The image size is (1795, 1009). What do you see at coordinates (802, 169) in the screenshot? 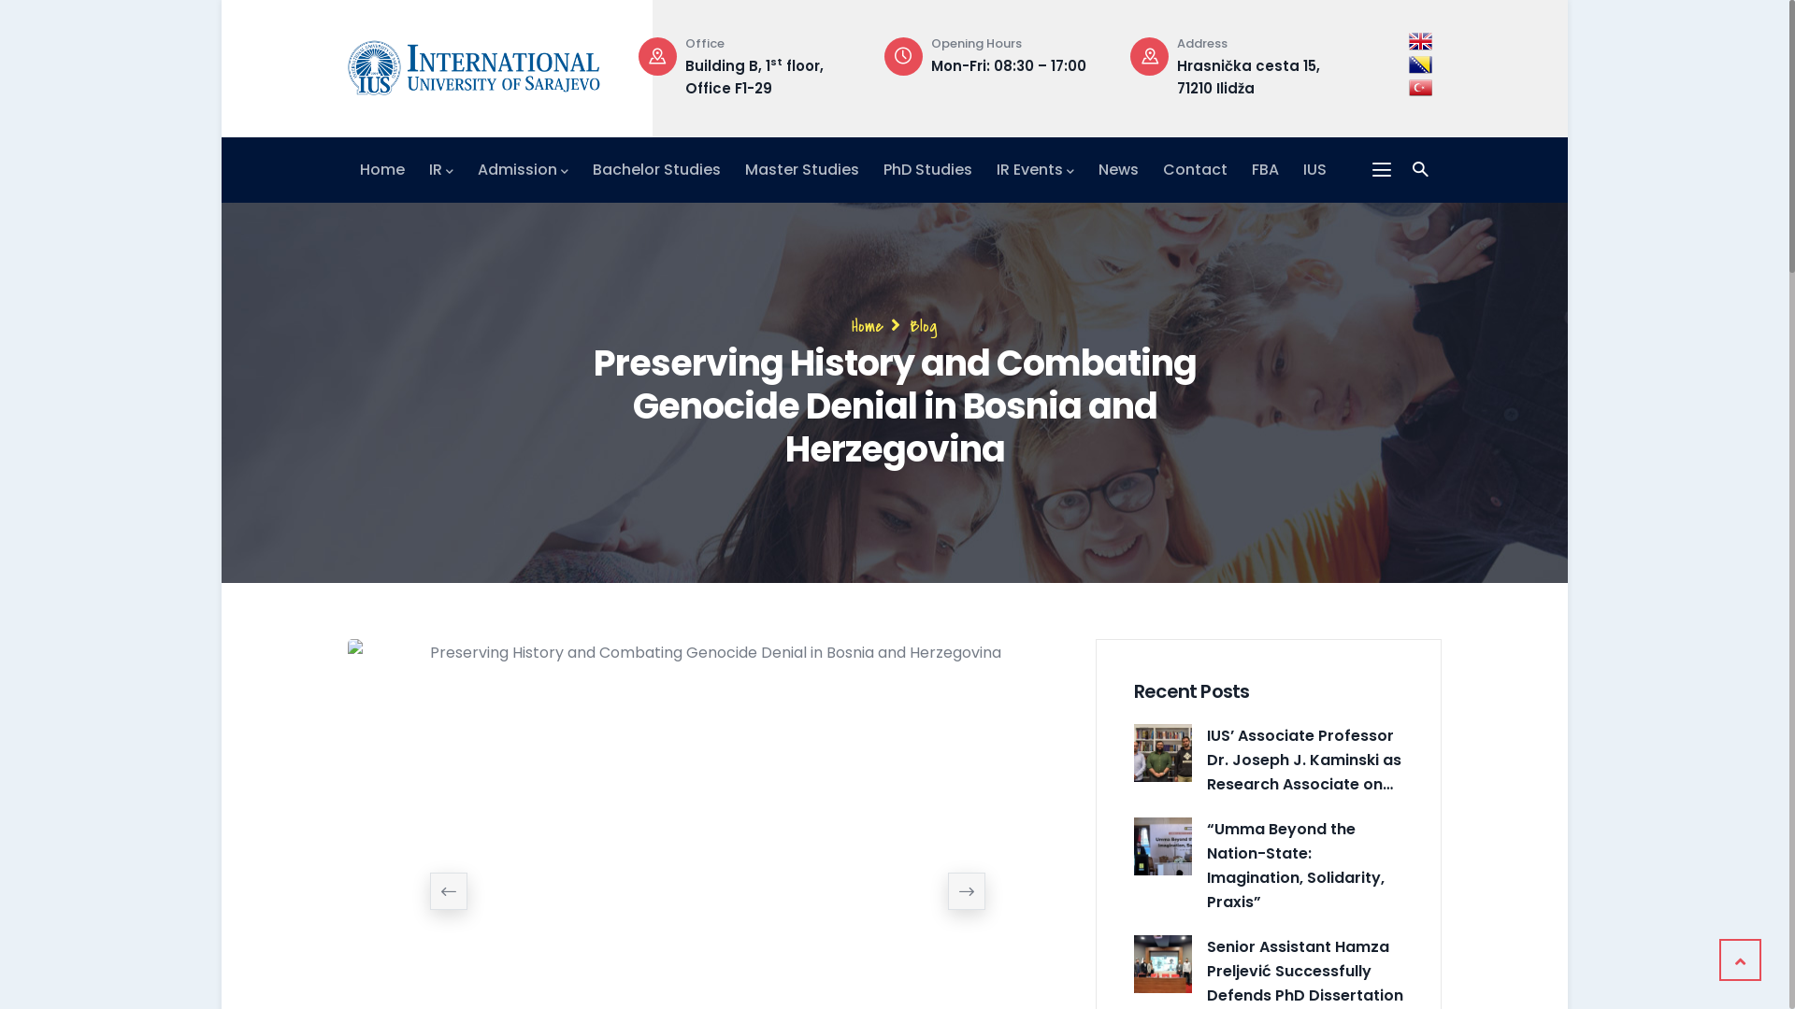
I see `'Master Studies'` at bounding box center [802, 169].